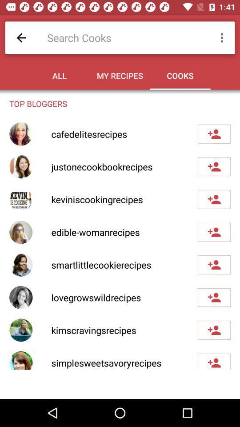  I want to click on friend, so click(214, 199).